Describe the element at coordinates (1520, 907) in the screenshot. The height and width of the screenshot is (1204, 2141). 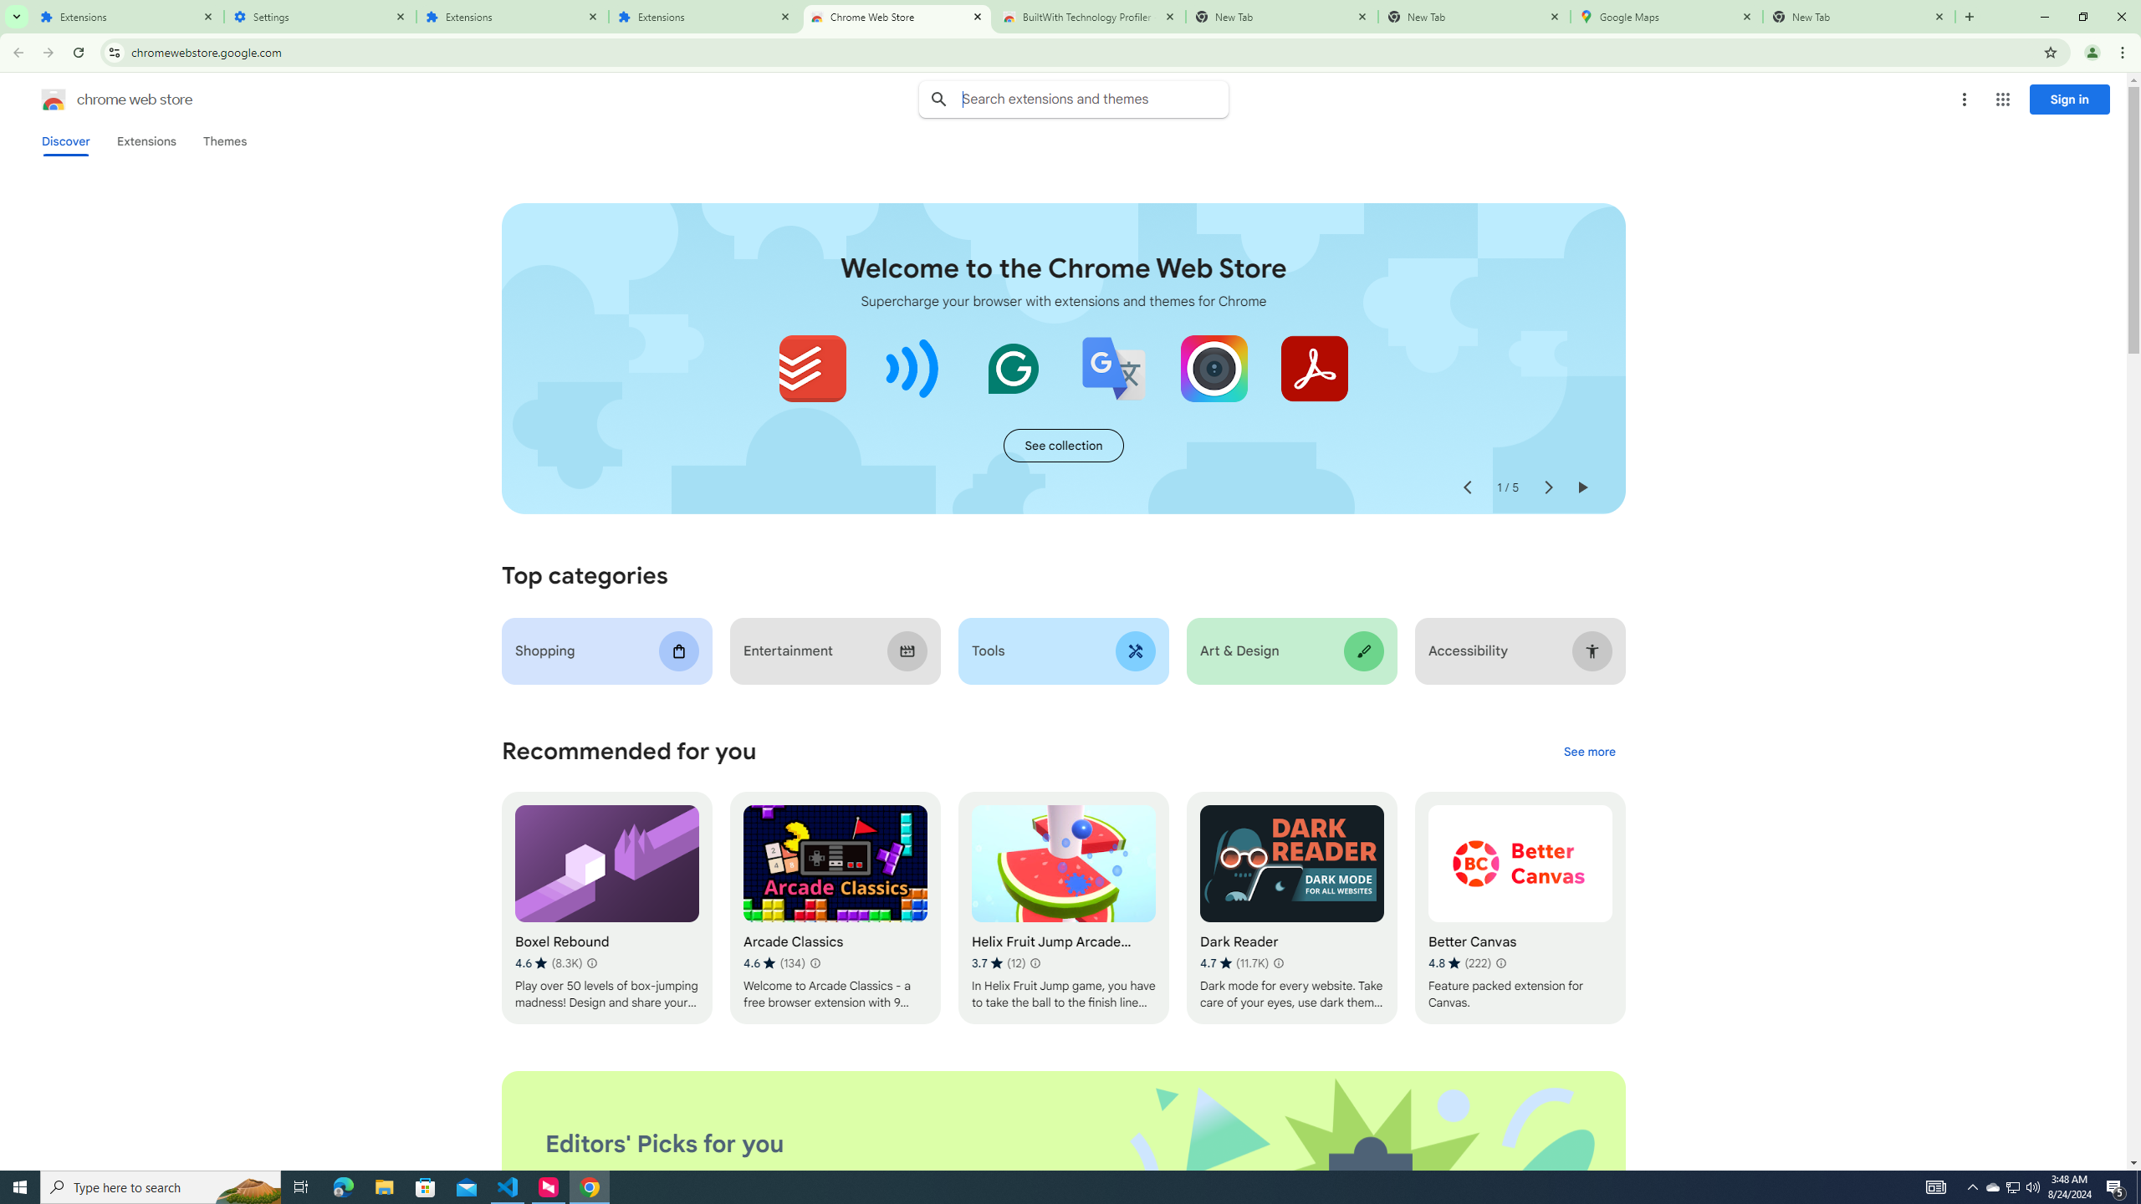
I see `'Better Canvas'` at that location.